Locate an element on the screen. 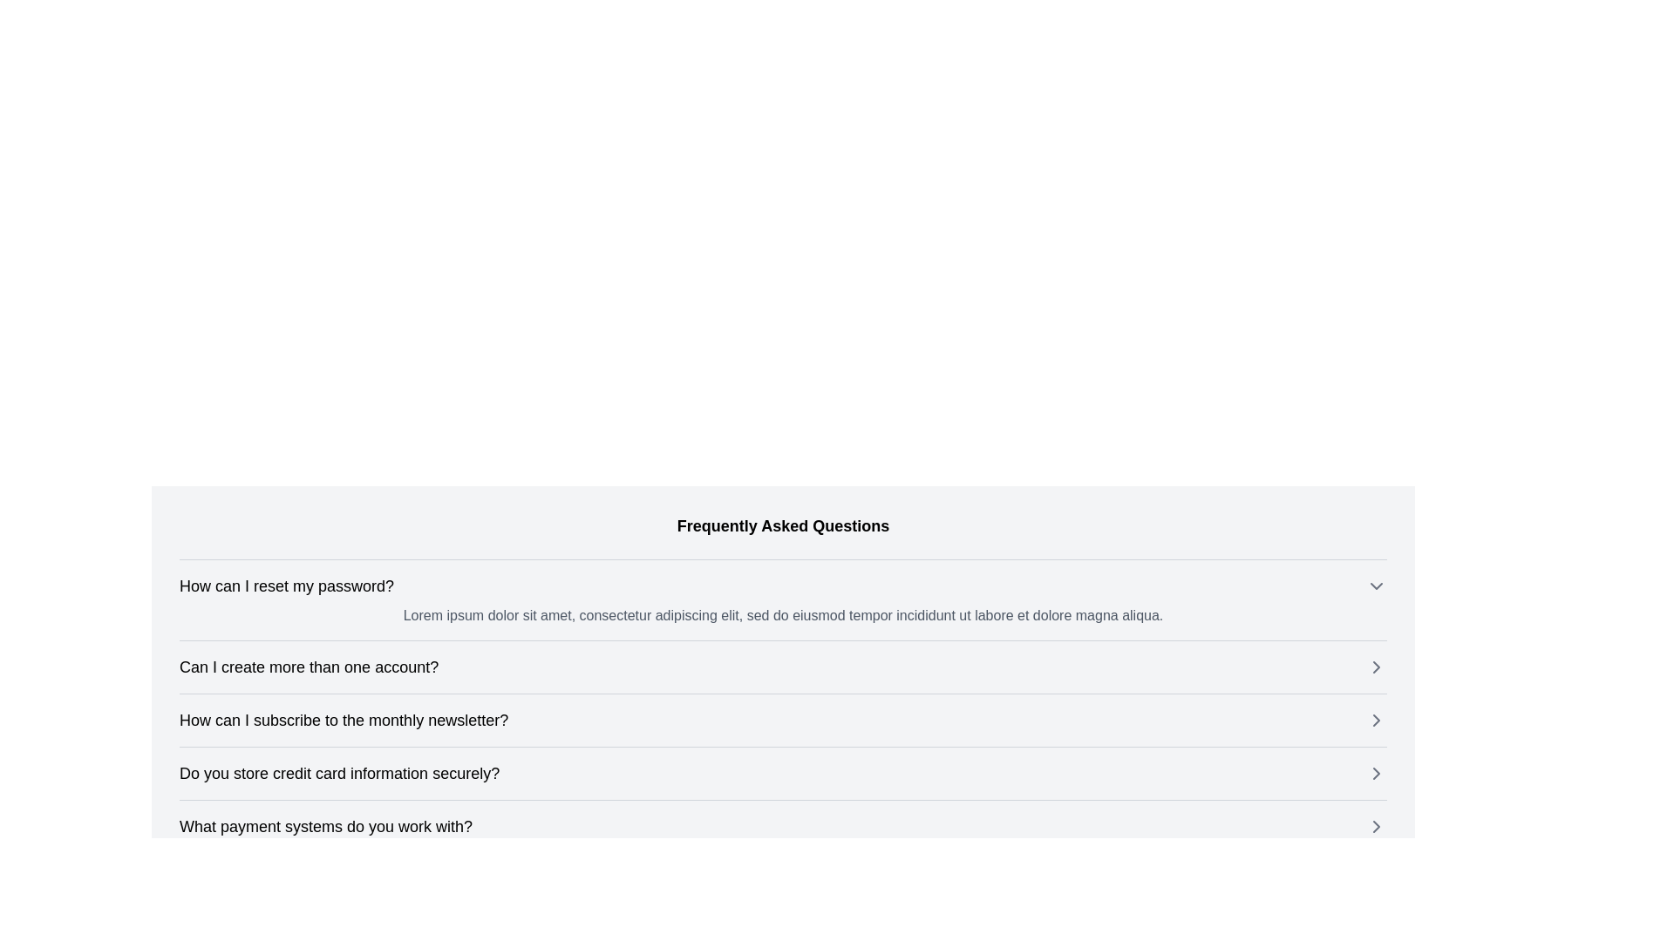 This screenshot has height=941, width=1674. the chevron icon located to the far right of the question 'Can I create more than one account?' is located at coordinates (1376, 667).